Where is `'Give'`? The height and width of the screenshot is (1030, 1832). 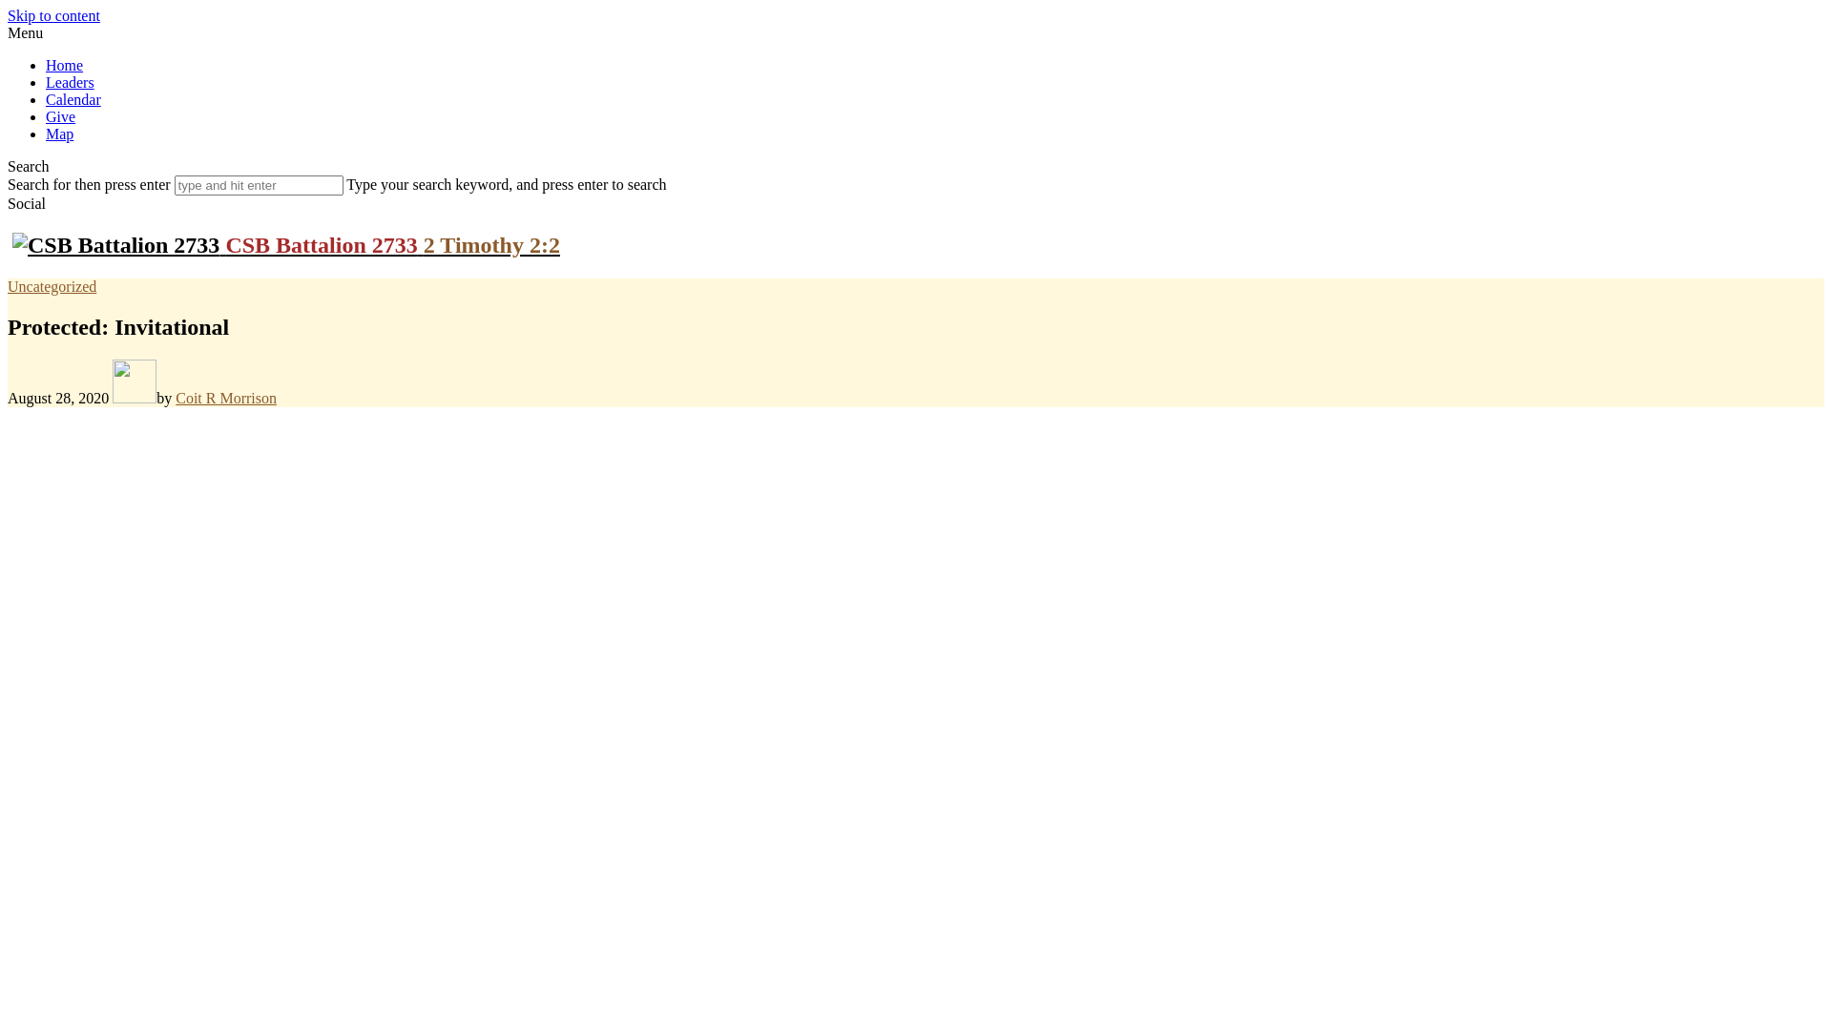
'Give' is located at coordinates (46, 116).